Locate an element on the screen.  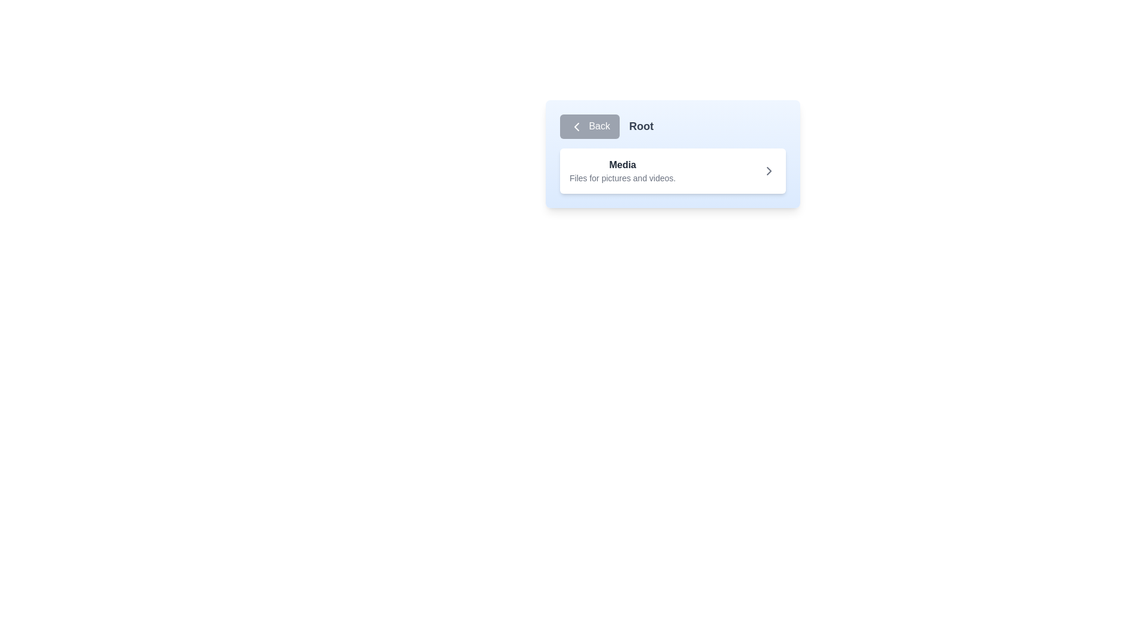
the static text label that reads 'Files for pictures and videos.' positioned beneath the title 'Media' is located at coordinates (622, 178).